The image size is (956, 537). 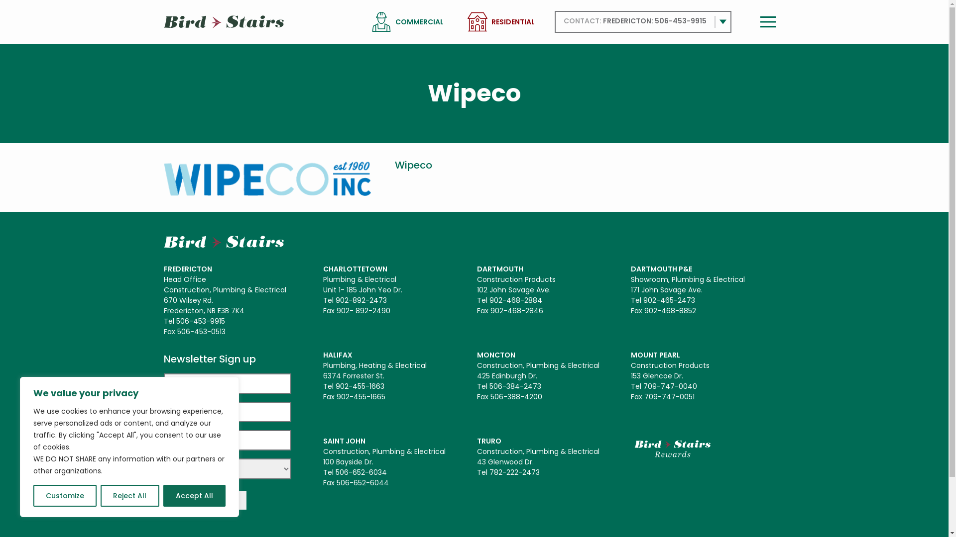 I want to click on 'Accept All', so click(x=194, y=495).